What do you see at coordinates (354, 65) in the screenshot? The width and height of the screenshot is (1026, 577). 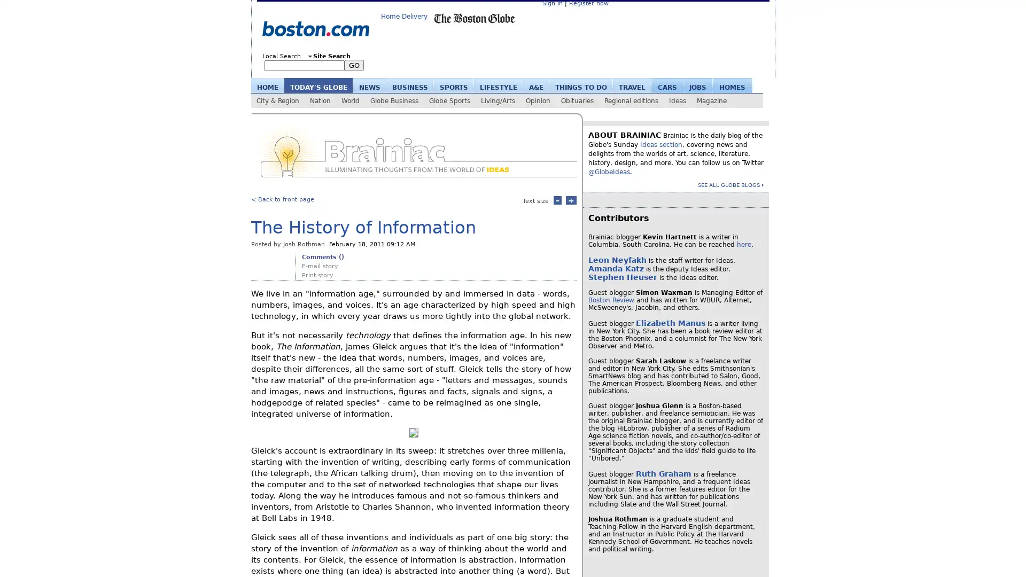 I see `GO` at bounding box center [354, 65].